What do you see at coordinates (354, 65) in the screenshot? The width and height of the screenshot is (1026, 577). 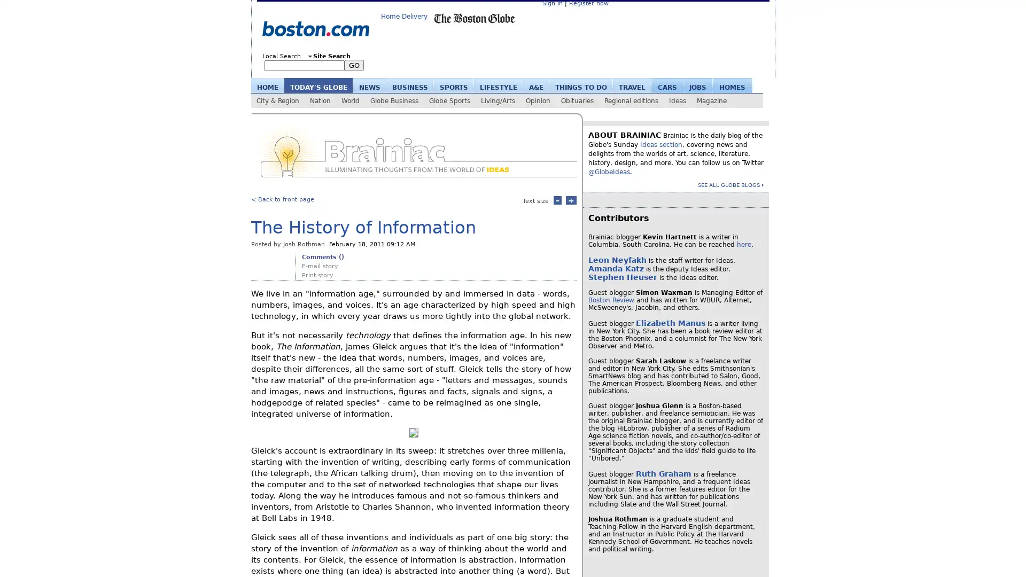 I see `GO` at bounding box center [354, 65].